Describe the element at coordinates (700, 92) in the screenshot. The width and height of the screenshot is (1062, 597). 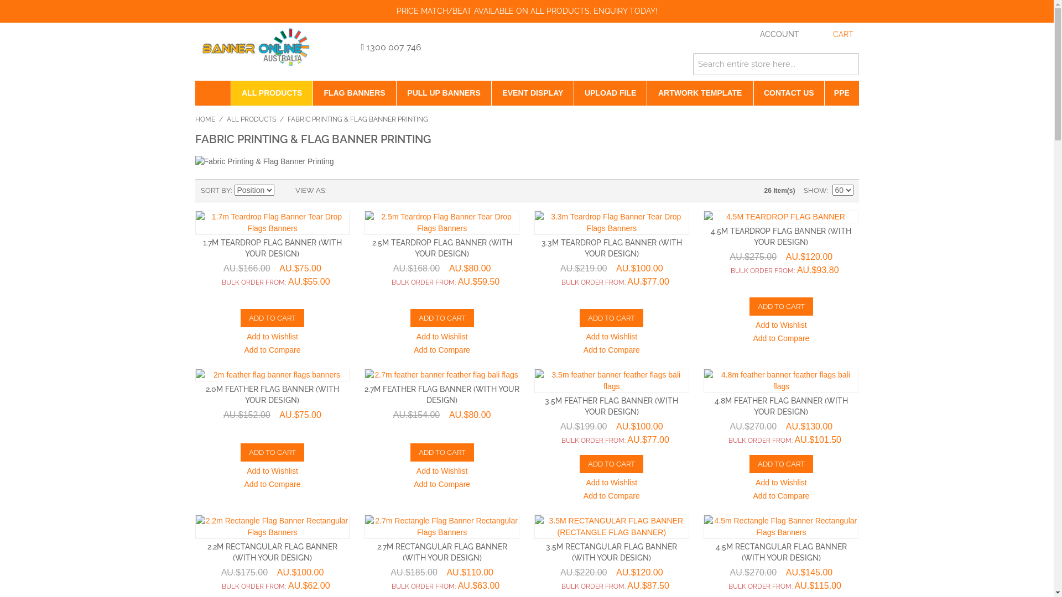
I see `'ARTWORK TEMPLATE'` at that location.